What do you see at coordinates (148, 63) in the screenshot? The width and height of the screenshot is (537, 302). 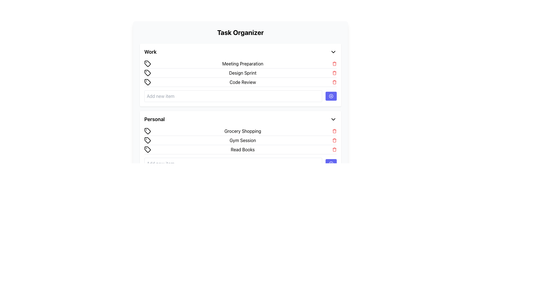 I see `the first tag icon associated with 'Meeting Preparation' in the 'Work' section of the 'Task Organizer' interface` at bounding box center [148, 63].